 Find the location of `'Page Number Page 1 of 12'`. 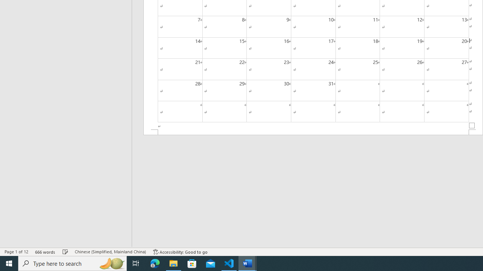

'Page Number Page 1 of 12' is located at coordinates (16, 252).